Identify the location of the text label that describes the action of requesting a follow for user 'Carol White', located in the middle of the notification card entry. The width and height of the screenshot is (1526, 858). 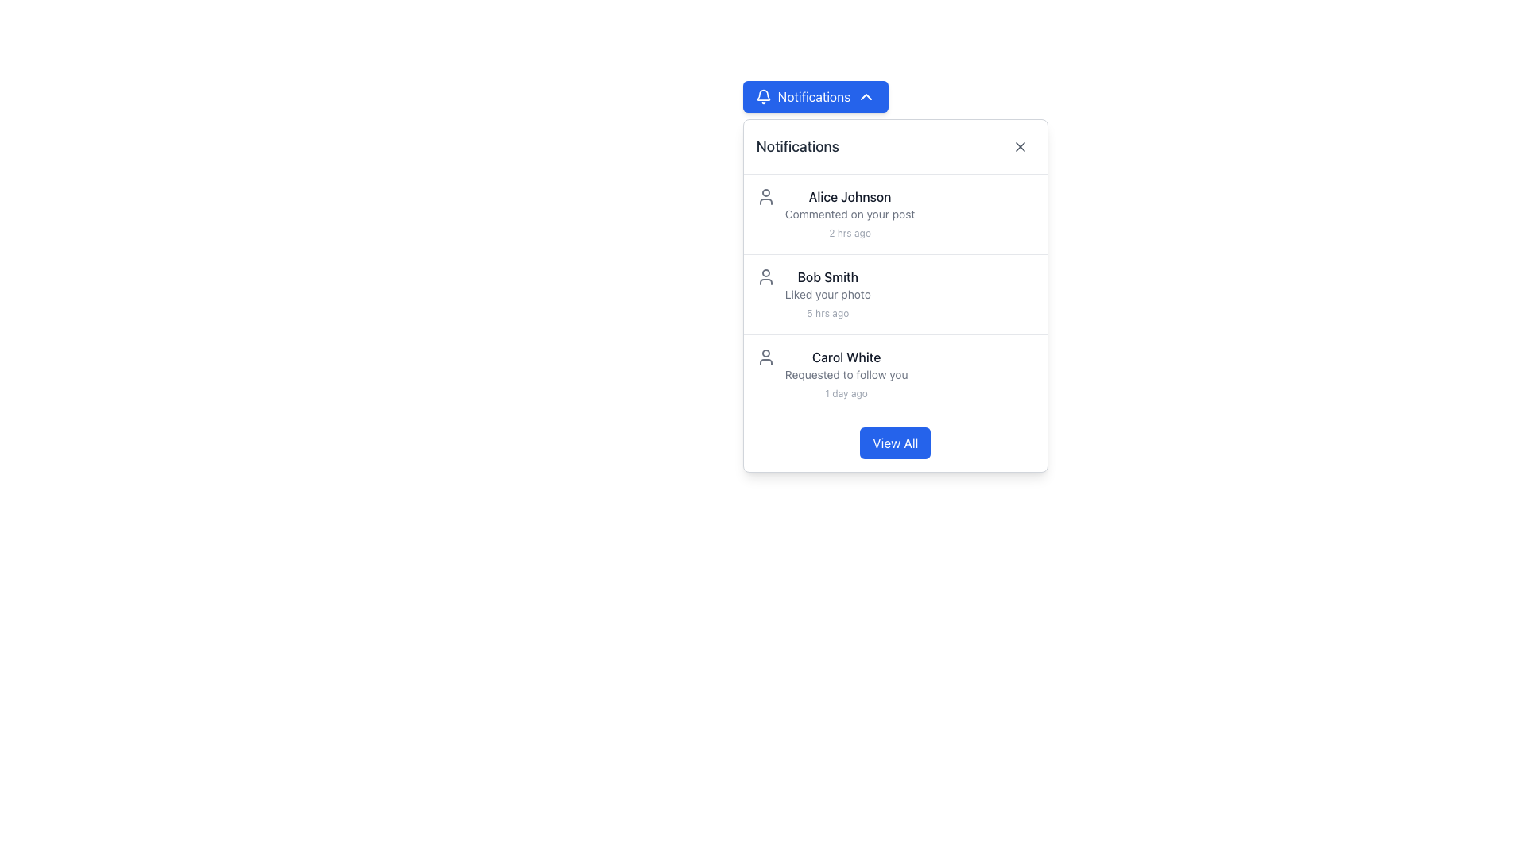
(846, 374).